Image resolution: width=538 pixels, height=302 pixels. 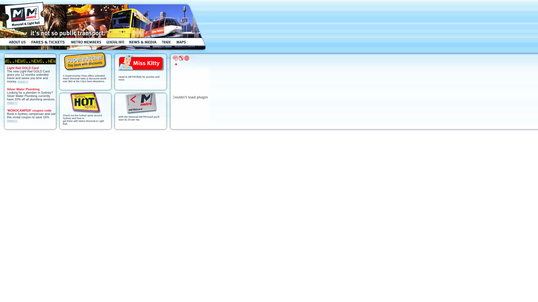 I want to click on 'campervan', so click(x=36, y=114).